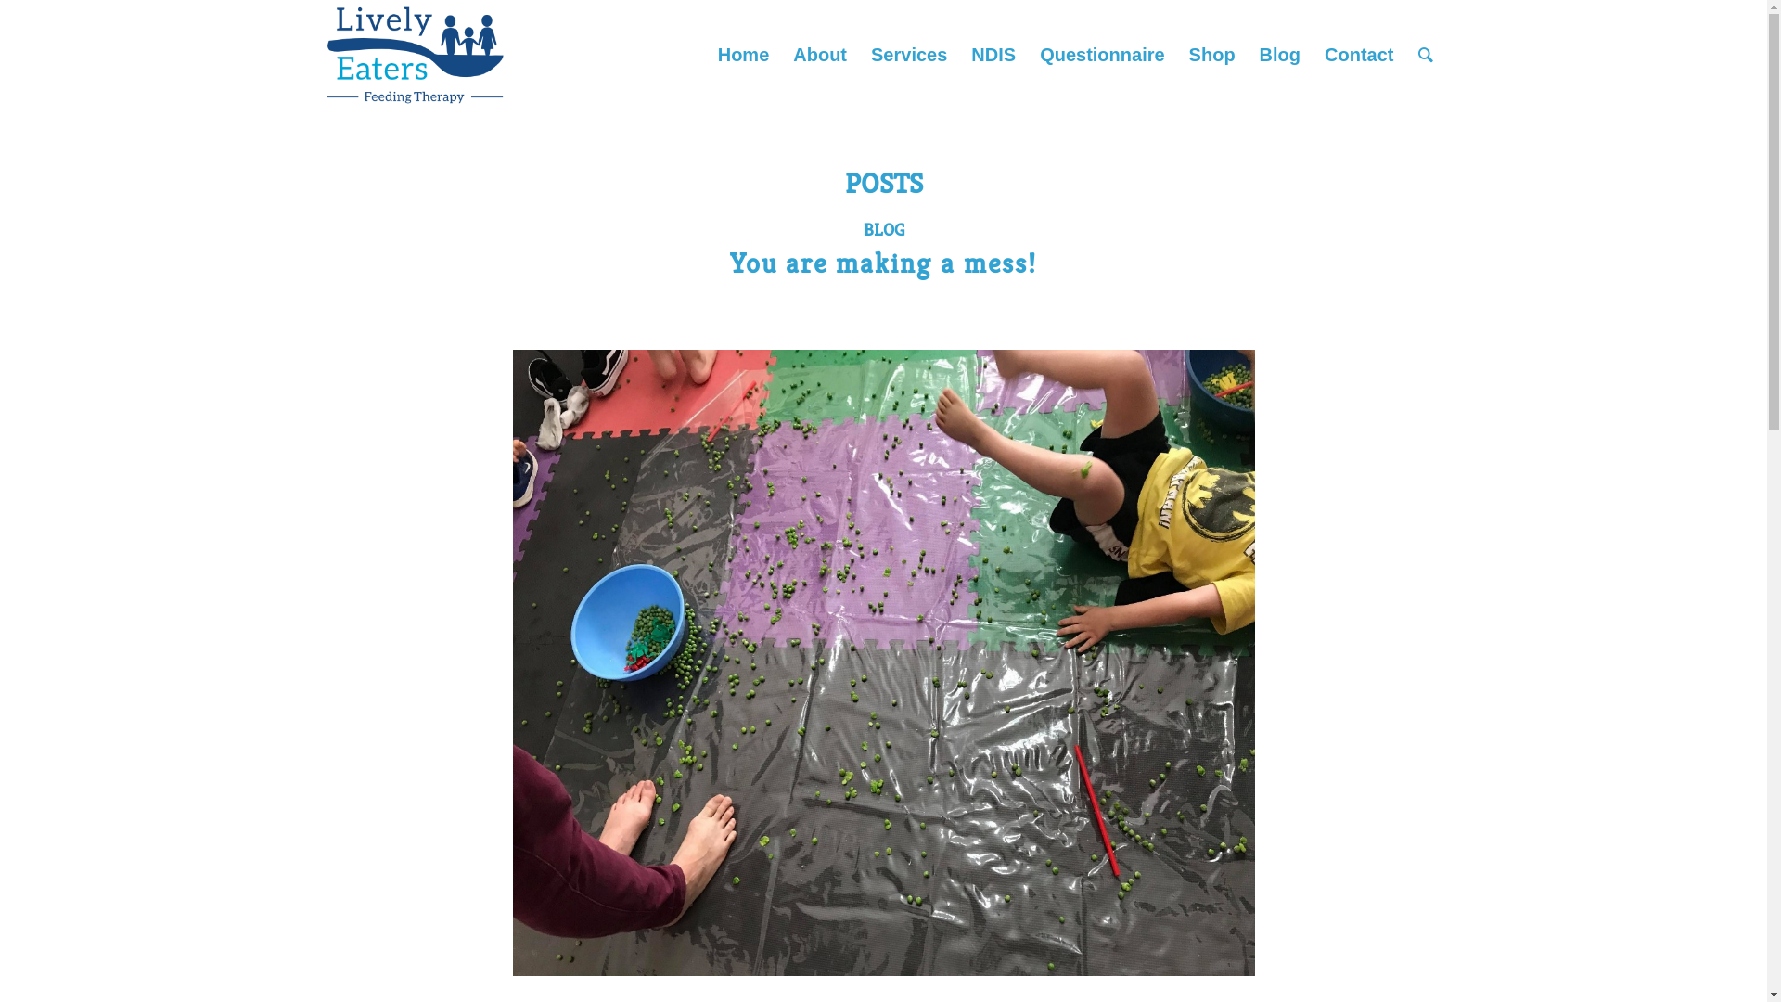 The width and height of the screenshot is (1781, 1002). Describe the element at coordinates (881, 228) in the screenshot. I see `'BLOG'` at that location.